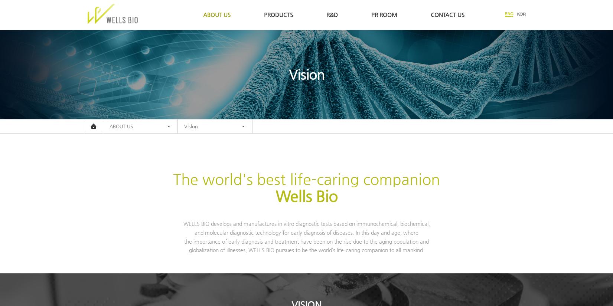  What do you see at coordinates (447, 14) in the screenshot?
I see `'CONTACT US'` at bounding box center [447, 14].